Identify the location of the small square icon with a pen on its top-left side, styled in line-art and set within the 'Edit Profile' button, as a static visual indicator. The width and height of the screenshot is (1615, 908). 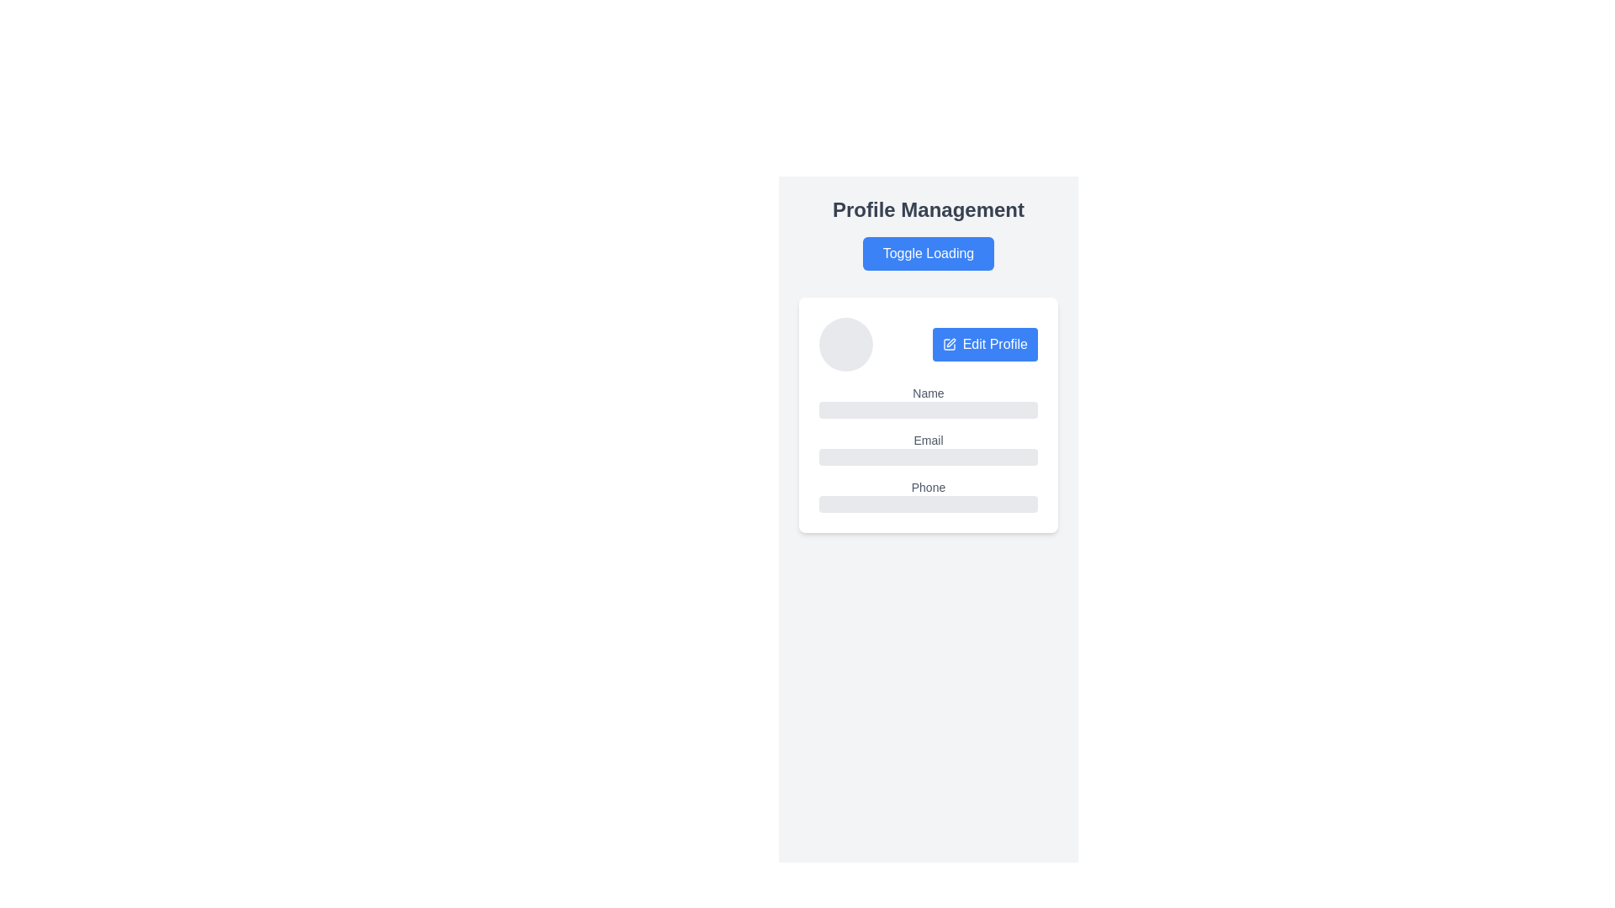
(949, 343).